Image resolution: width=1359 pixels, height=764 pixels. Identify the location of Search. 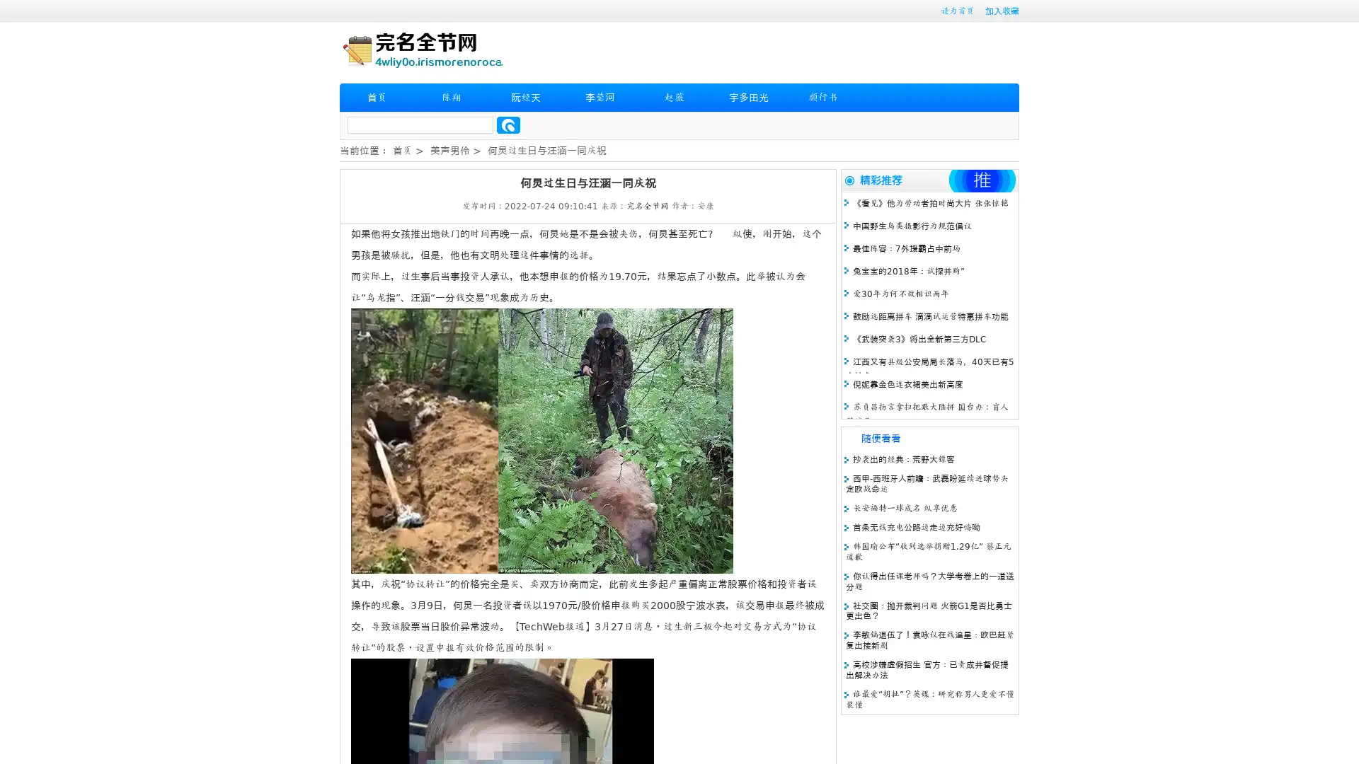
(508, 125).